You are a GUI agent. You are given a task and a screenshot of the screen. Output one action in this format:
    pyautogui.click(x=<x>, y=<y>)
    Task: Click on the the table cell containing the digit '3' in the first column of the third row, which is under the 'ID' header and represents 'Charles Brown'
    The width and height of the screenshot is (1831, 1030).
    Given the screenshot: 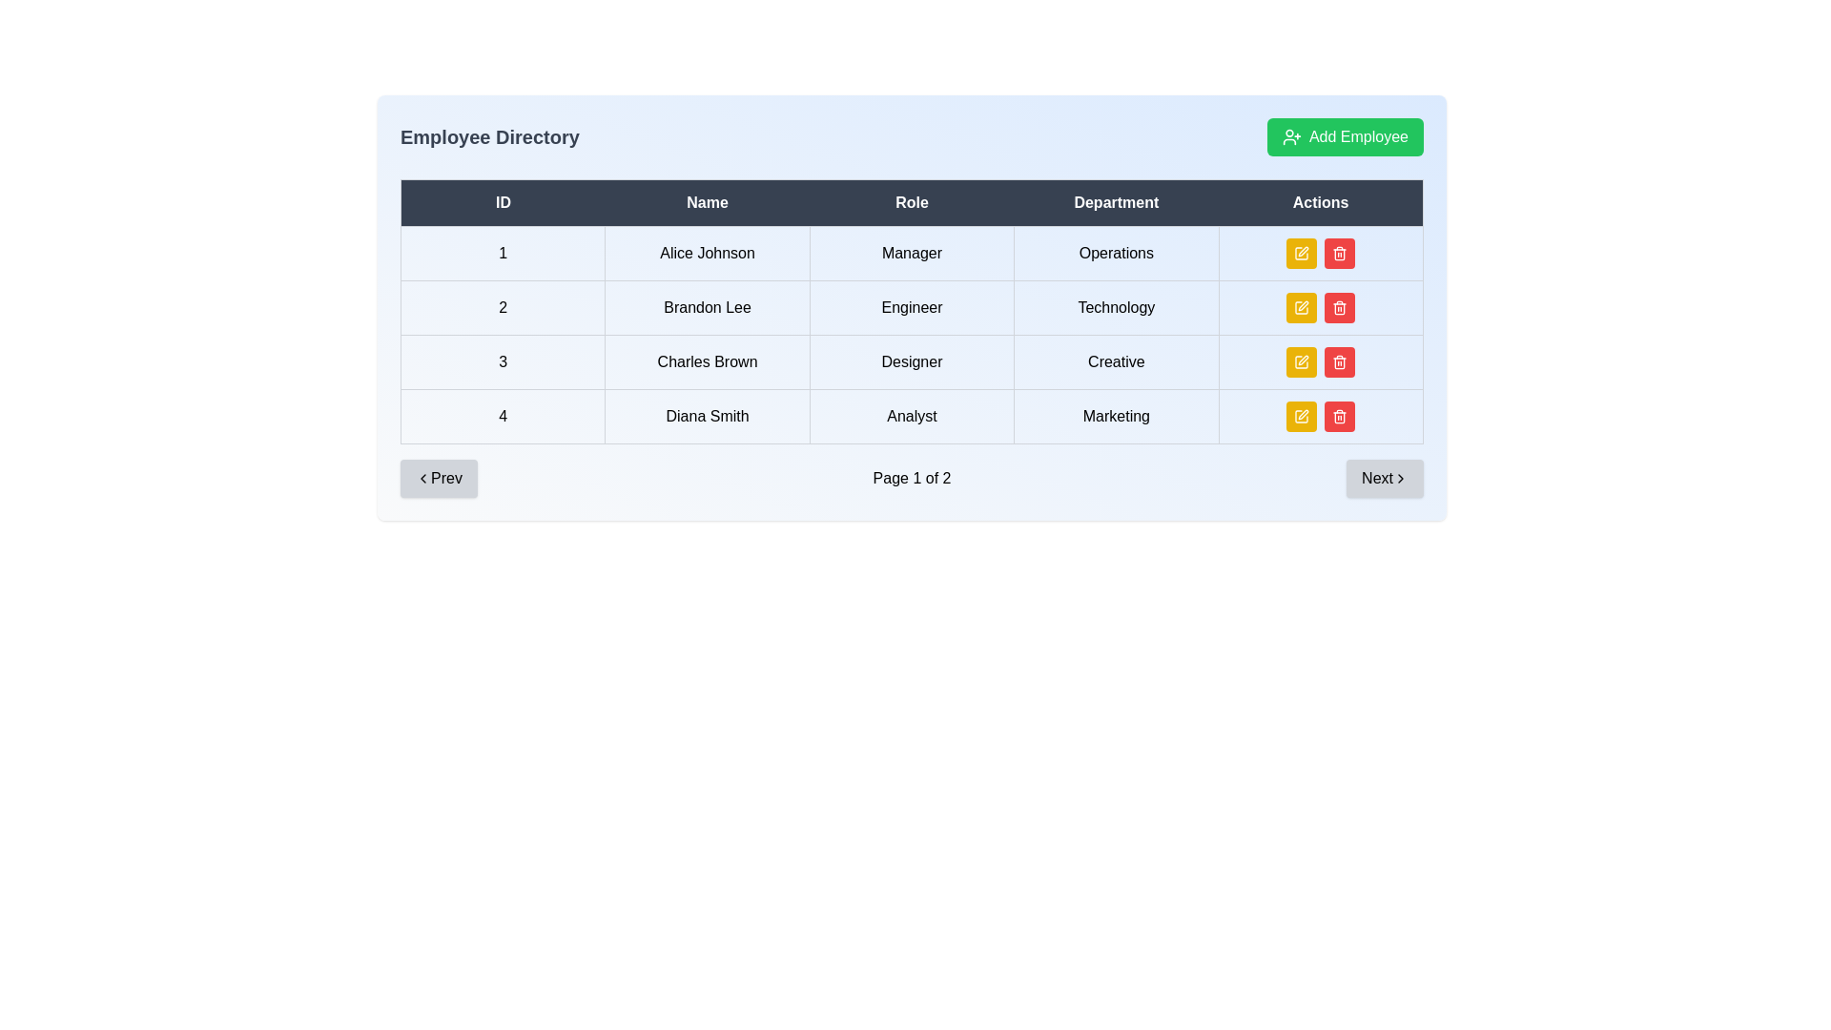 What is the action you would take?
    pyautogui.click(x=503, y=362)
    